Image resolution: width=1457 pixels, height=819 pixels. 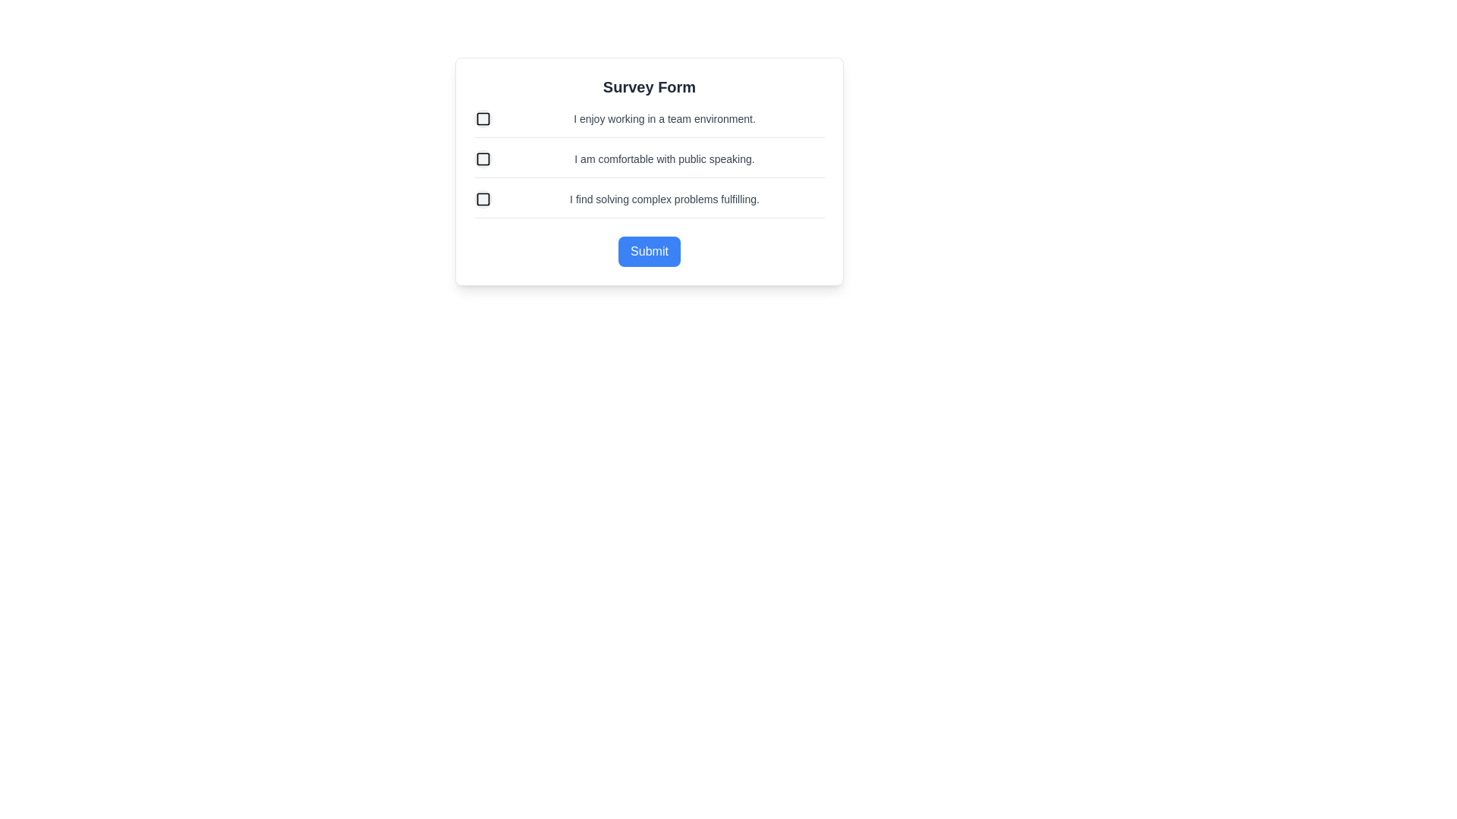 What do you see at coordinates (483, 118) in the screenshot?
I see `the uppermost checkbox control styled with SVG components located underneath the title 'Survey Form'` at bounding box center [483, 118].